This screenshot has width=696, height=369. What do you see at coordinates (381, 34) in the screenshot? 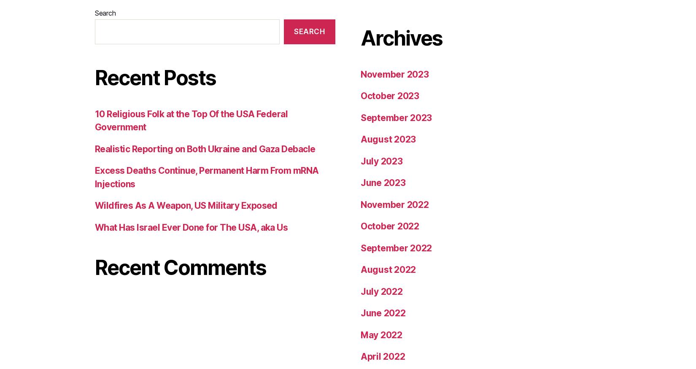
I see `'July 2022'` at bounding box center [381, 34].